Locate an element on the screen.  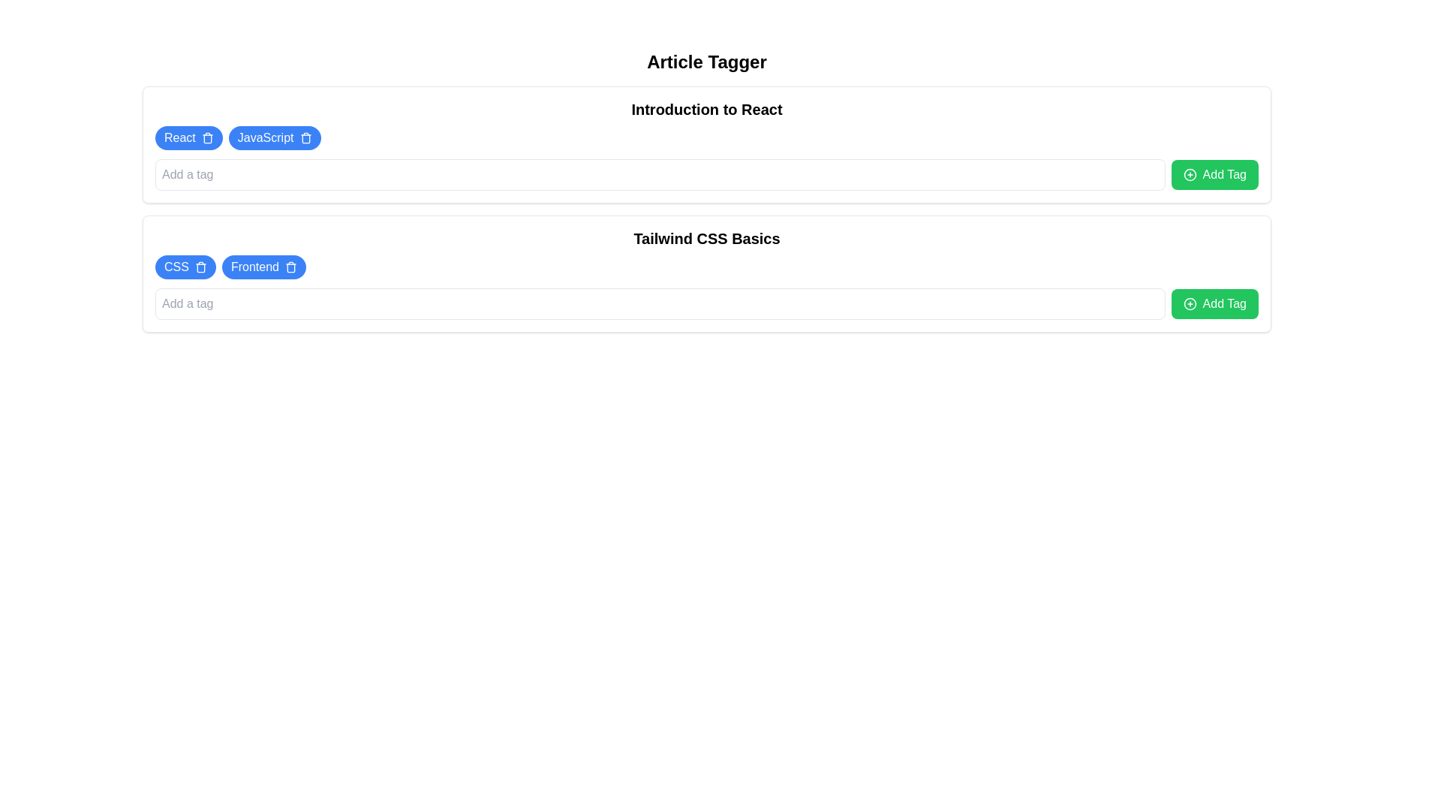
the circular shape located within the SVG group, which is near the 'Add Tag' button in the second section of the interface is located at coordinates (1189, 173).